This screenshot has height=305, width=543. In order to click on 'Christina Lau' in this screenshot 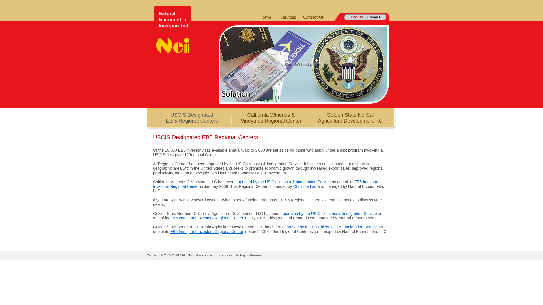, I will do `click(304, 186)`.